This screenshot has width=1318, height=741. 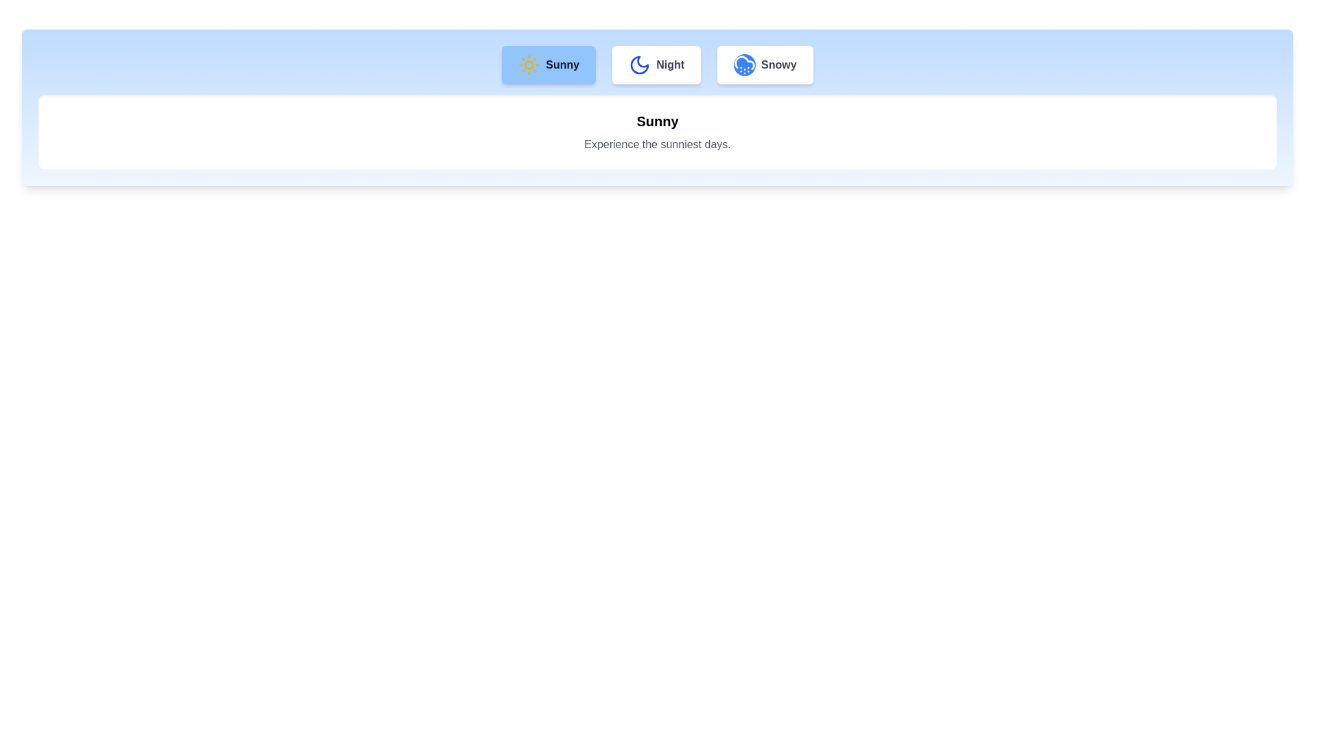 What do you see at coordinates (656, 65) in the screenshot?
I see `the Night tab by clicking on its button` at bounding box center [656, 65].